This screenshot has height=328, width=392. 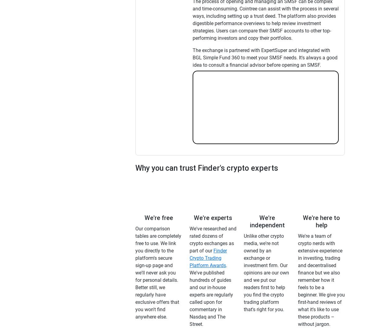 What do you see at coordinates (303, 221) in the screenshot?
I see `'We're here to help'` at bounding box center [303, 221].